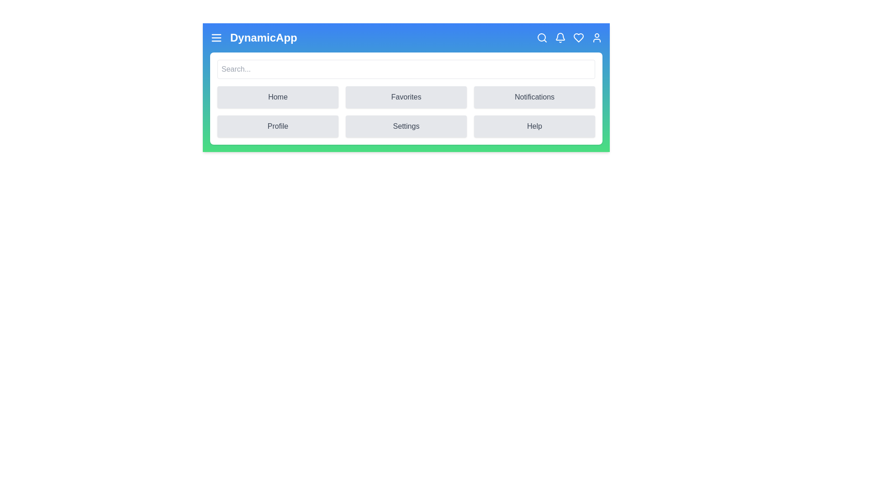 Image resolution: width=877 pixels, height=493 pixels. I want to click on the search input field and type the text 'example', so click(406, 68).